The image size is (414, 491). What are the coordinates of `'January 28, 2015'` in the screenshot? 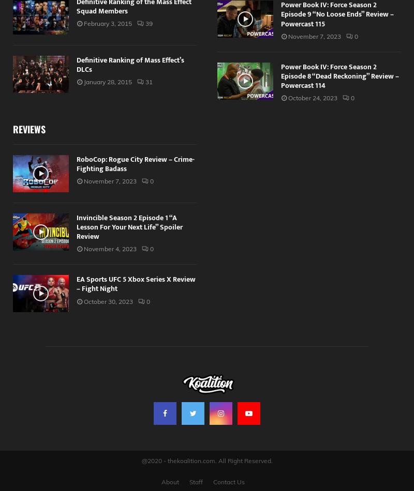 It's located at (108, 81).